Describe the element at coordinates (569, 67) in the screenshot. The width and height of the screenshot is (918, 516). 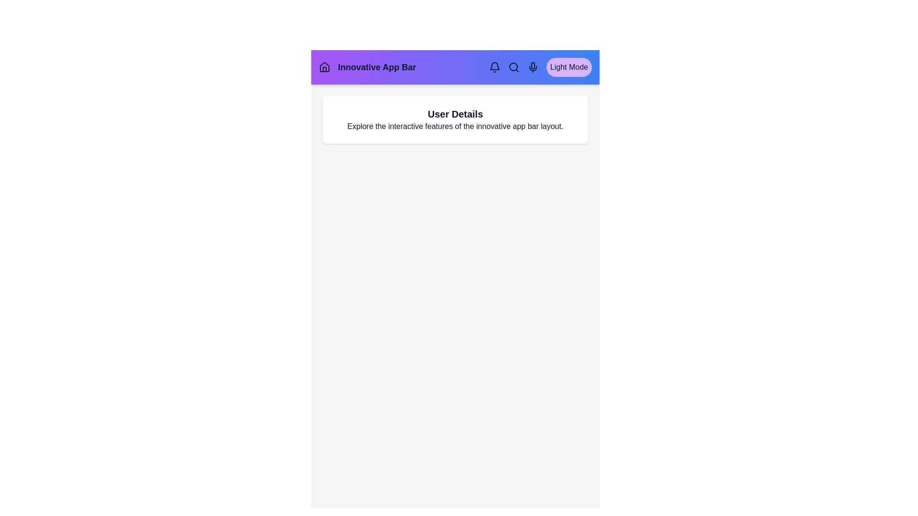
I see `'Light Mode' button to toggle the application theme` at that location.